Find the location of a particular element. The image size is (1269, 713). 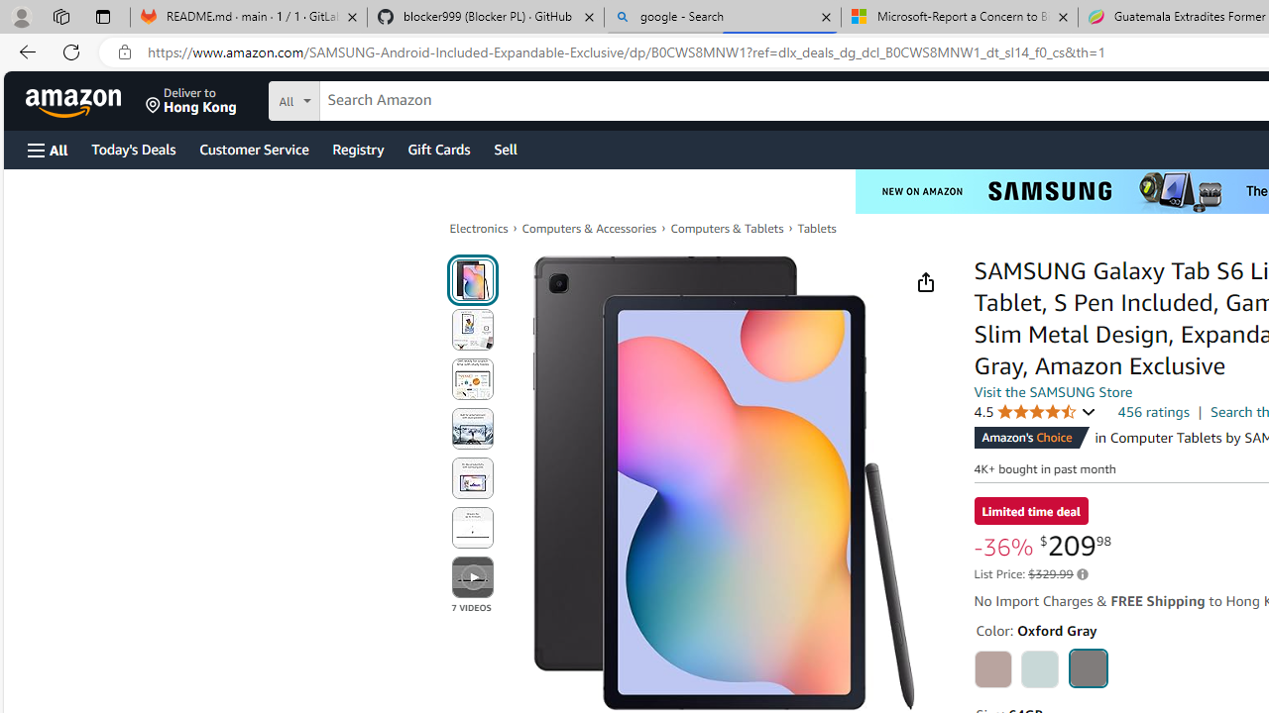

'Deliver to Hong Kong' is located at coordinates (191, 100).